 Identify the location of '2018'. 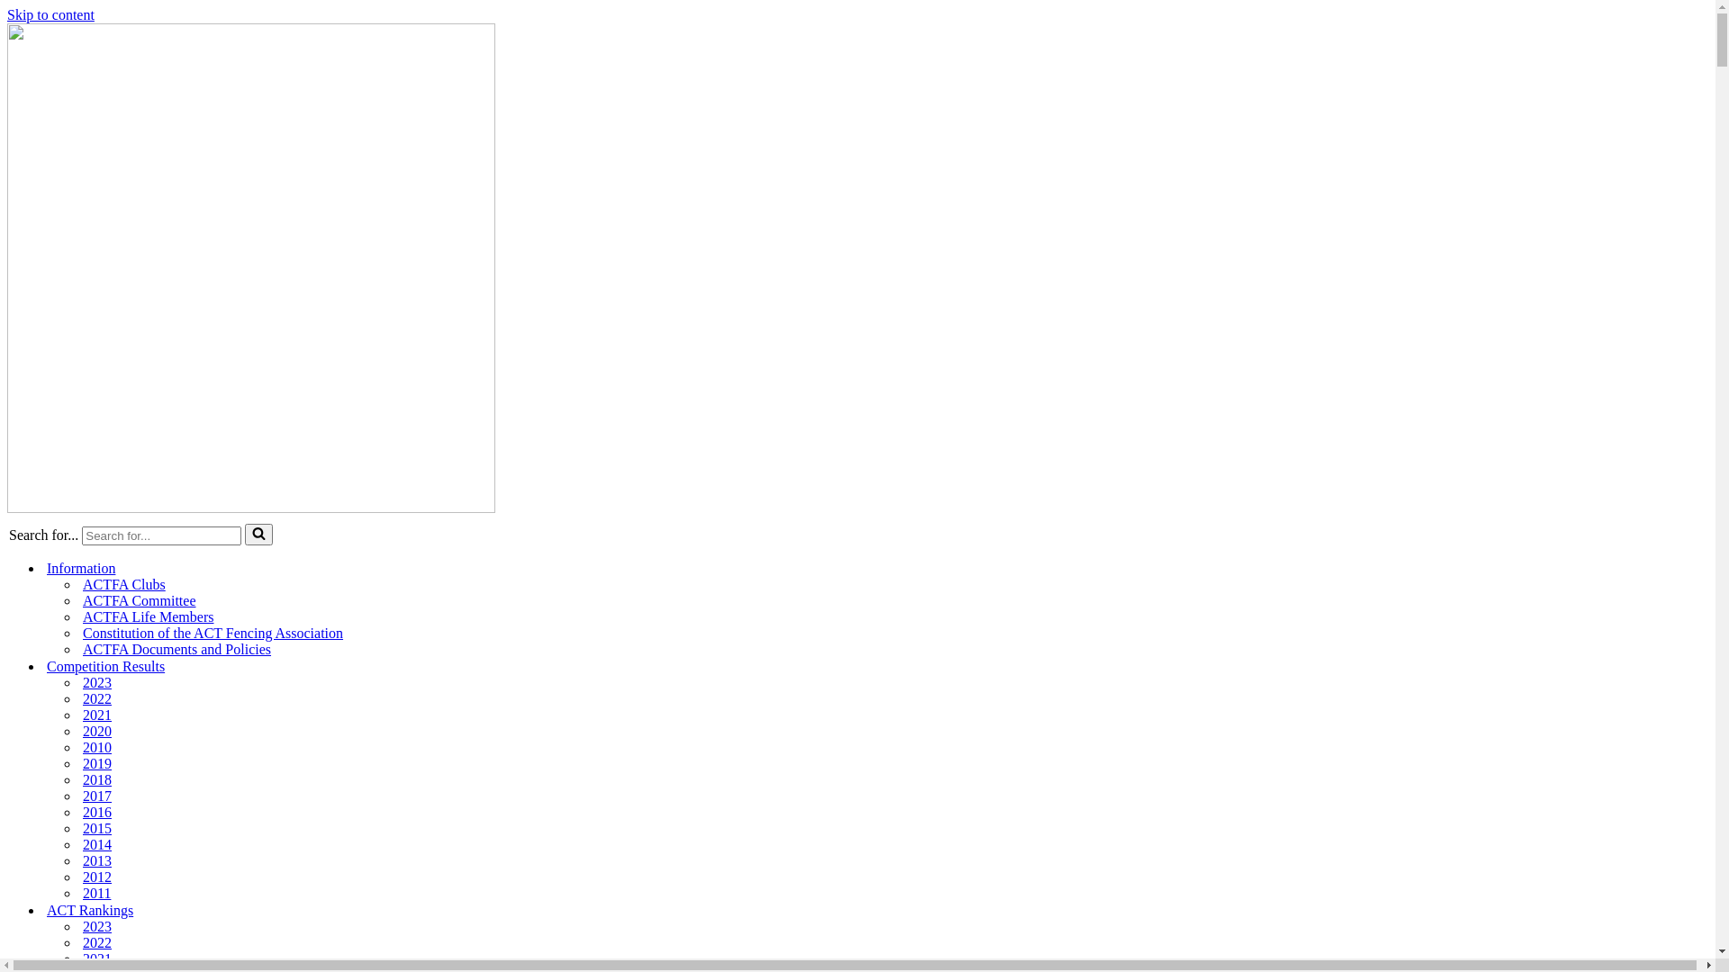
(96, 779).